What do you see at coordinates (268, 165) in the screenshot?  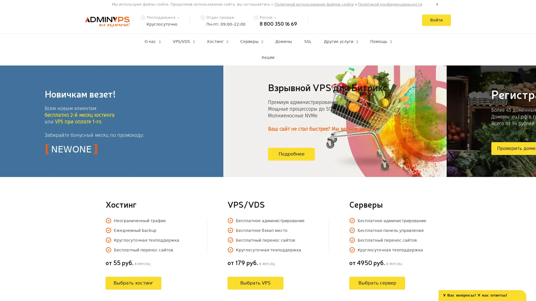 I see `3` at bounding box center [268, 165].